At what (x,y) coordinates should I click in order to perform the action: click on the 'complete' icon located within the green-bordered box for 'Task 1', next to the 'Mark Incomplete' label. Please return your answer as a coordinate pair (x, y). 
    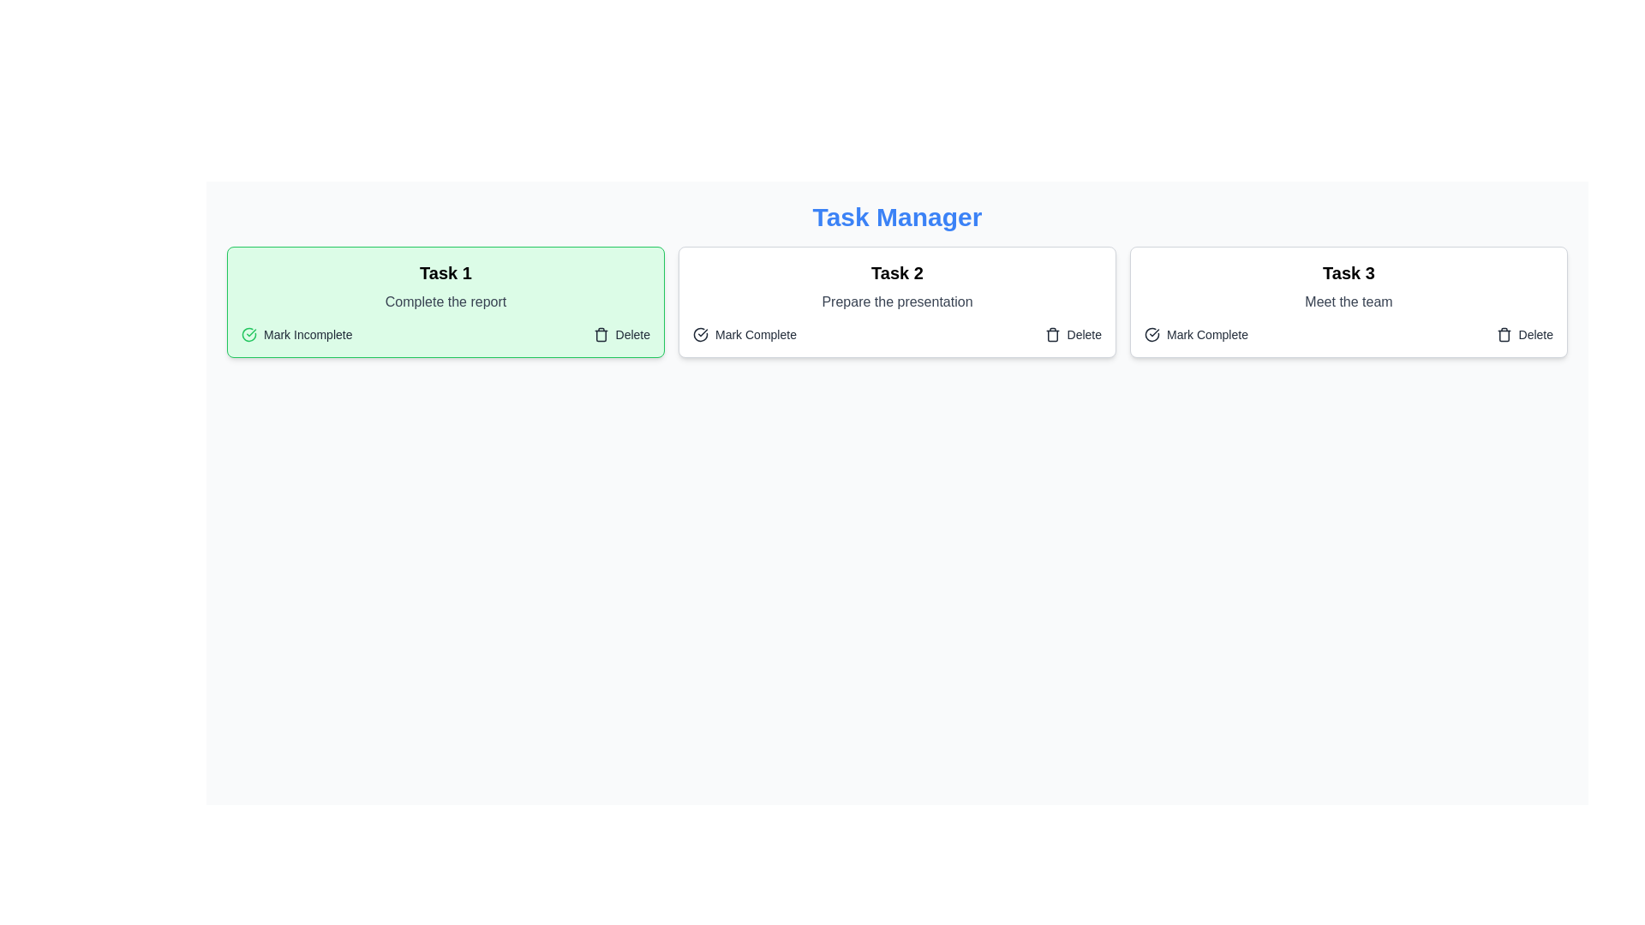
    Looking at the image, I should click on (248, 334).